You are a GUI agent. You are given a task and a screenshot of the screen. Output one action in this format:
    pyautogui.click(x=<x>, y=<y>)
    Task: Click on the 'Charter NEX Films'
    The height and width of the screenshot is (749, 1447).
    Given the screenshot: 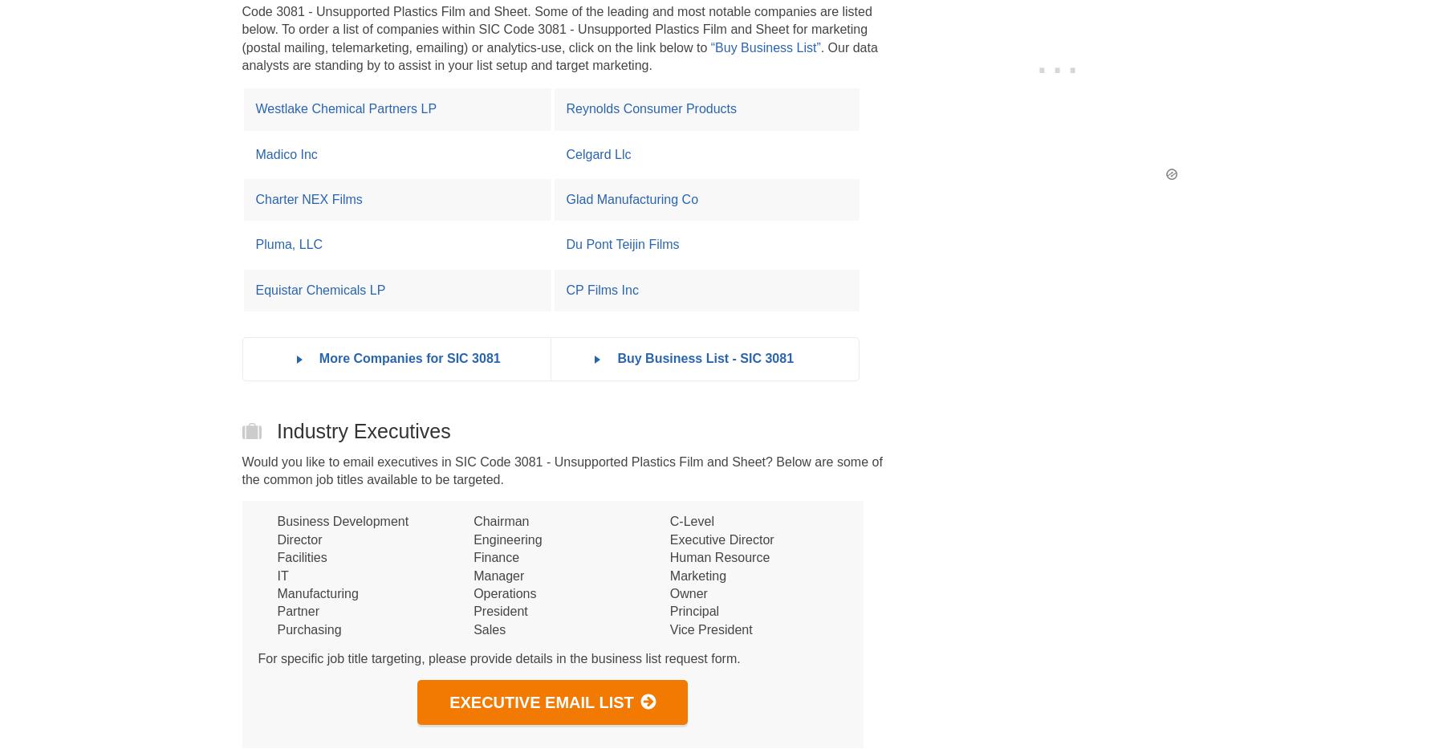 What is the action you would take?
    pyautogui.click(x=307, y=198)
    